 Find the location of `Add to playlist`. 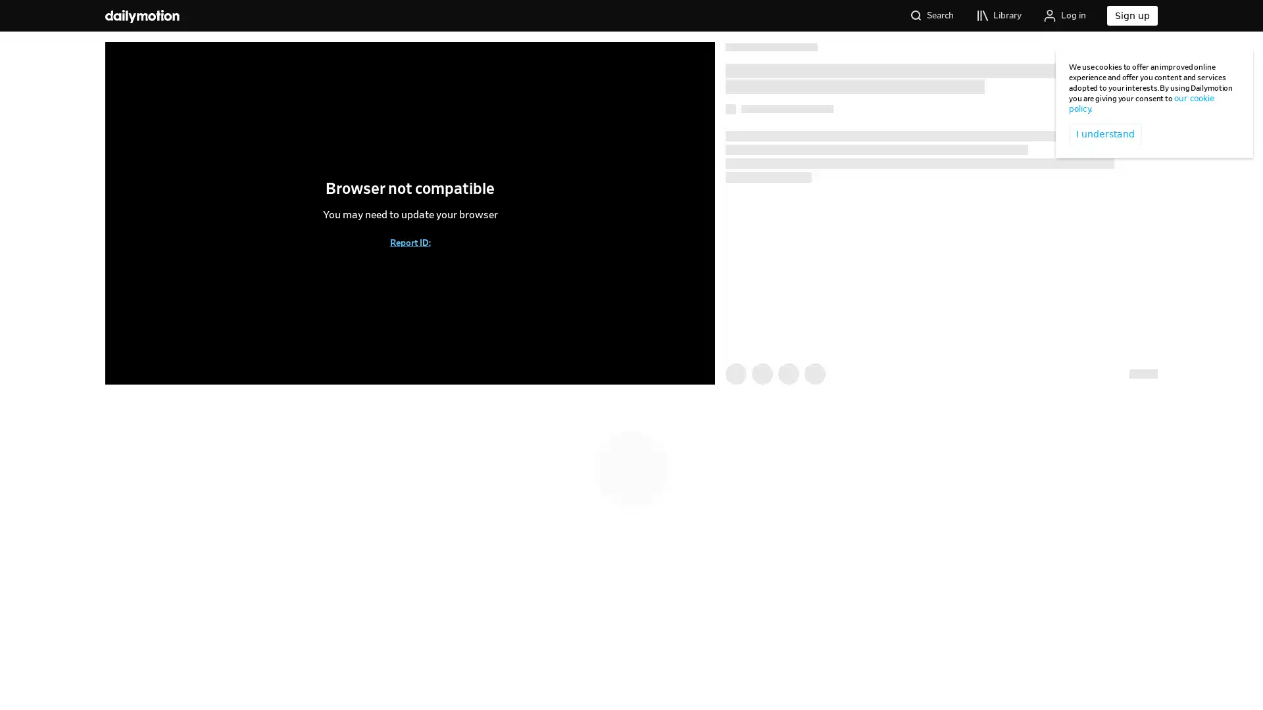

Add to playlist is located at coordinates (814, 332).